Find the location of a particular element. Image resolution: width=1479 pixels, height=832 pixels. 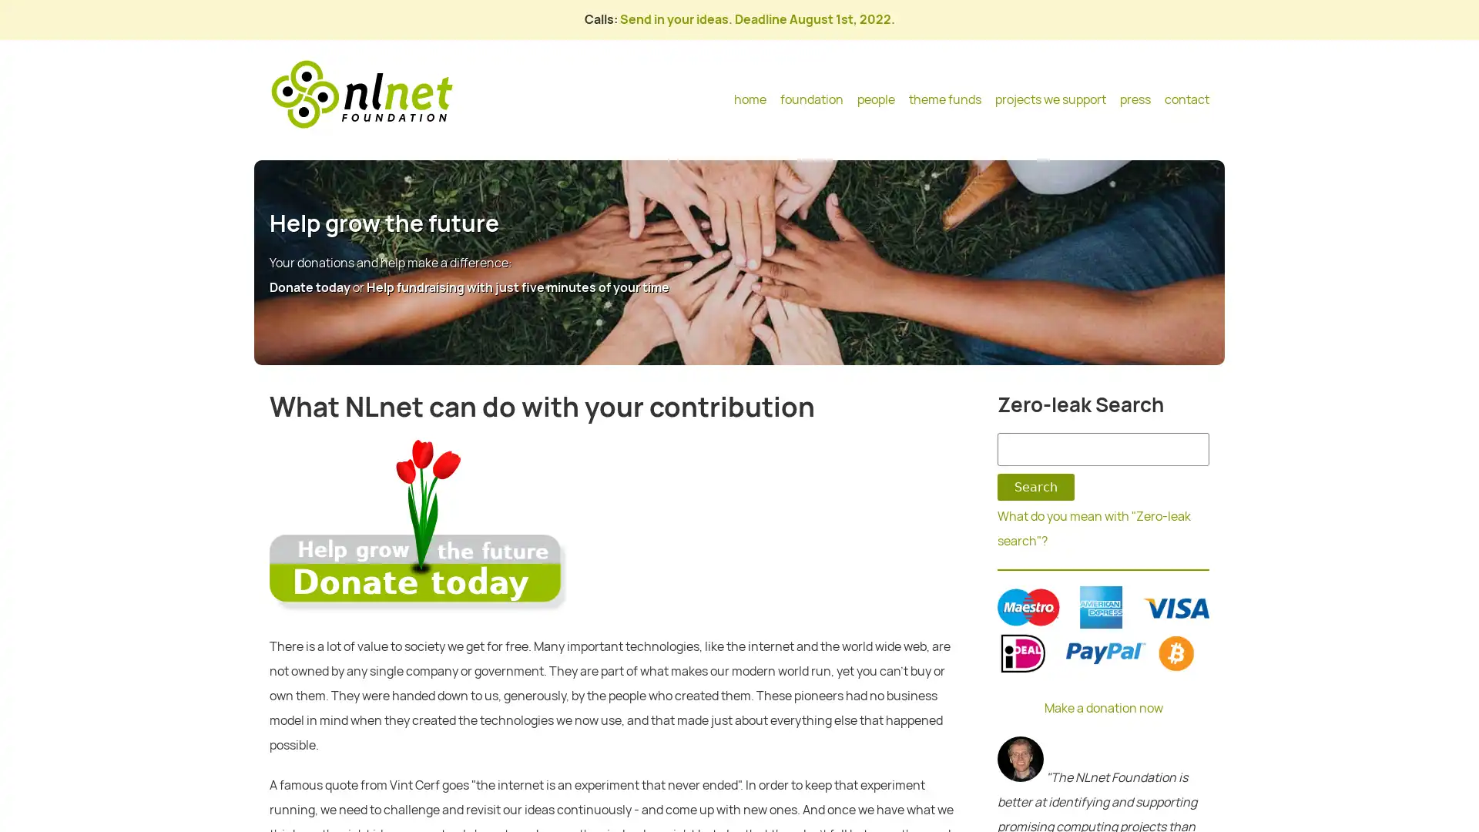

Search is located at coordinates (1035, 487).